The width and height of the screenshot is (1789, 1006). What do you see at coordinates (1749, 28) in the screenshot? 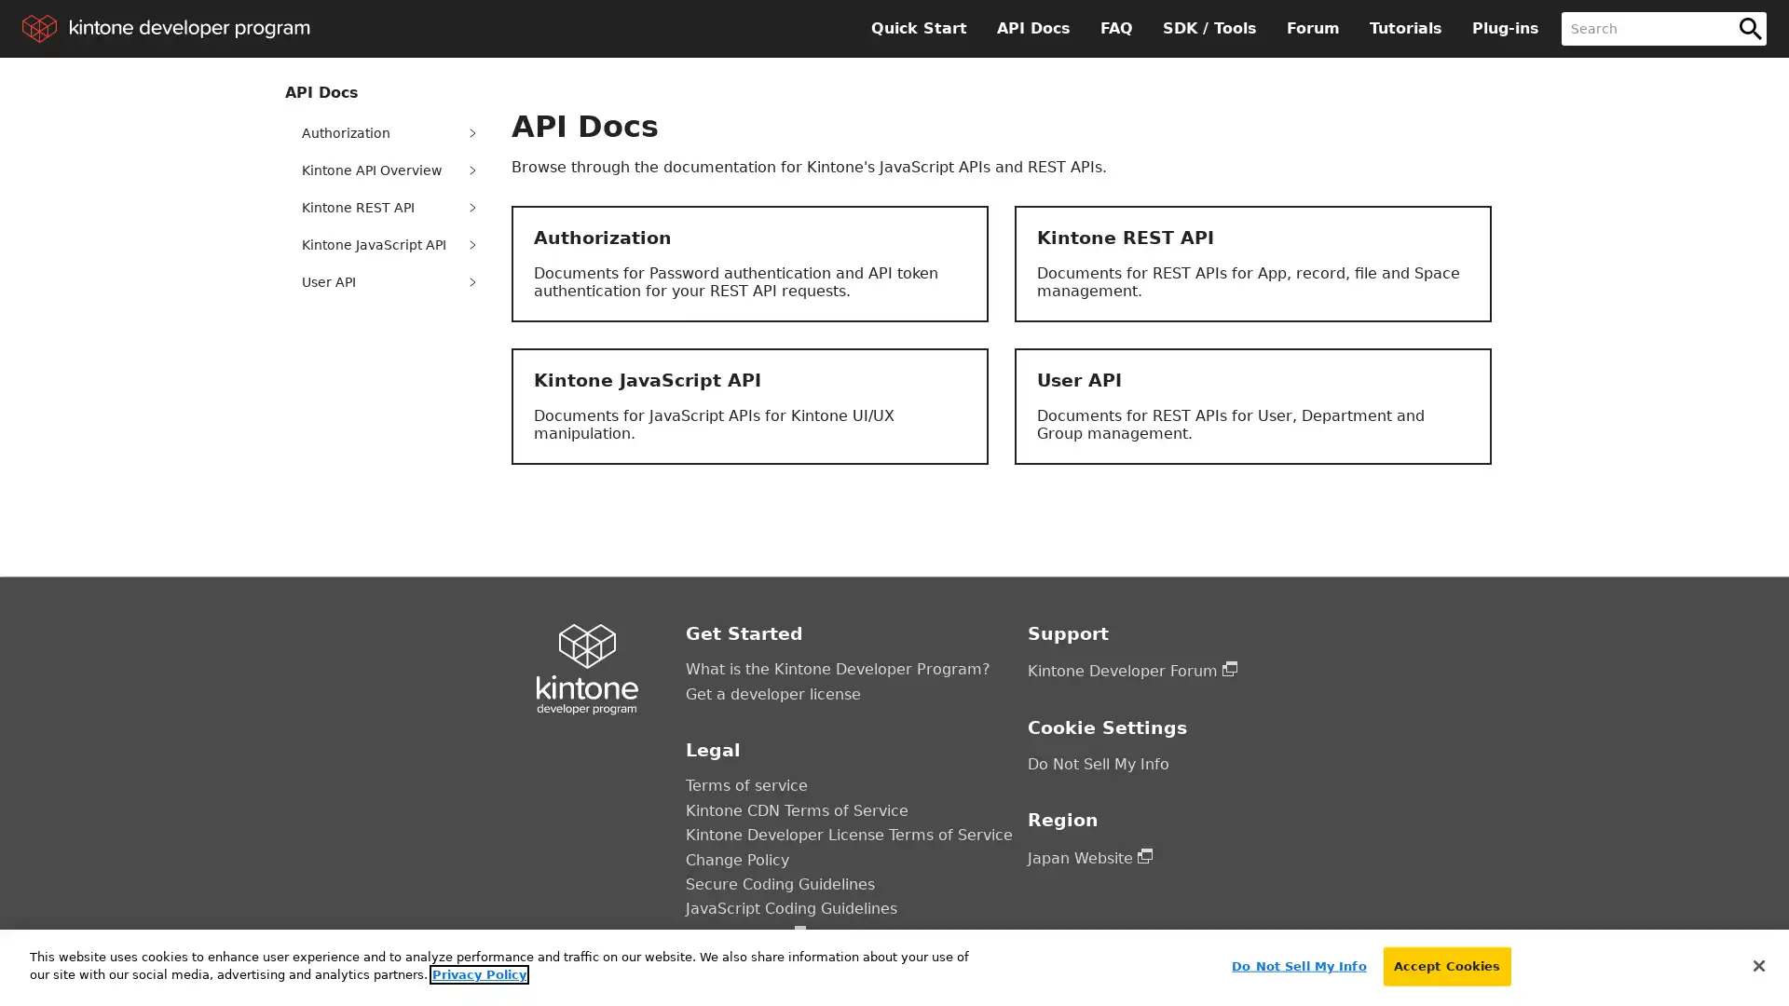
I see `Search` at bounding box center [1749, 28].